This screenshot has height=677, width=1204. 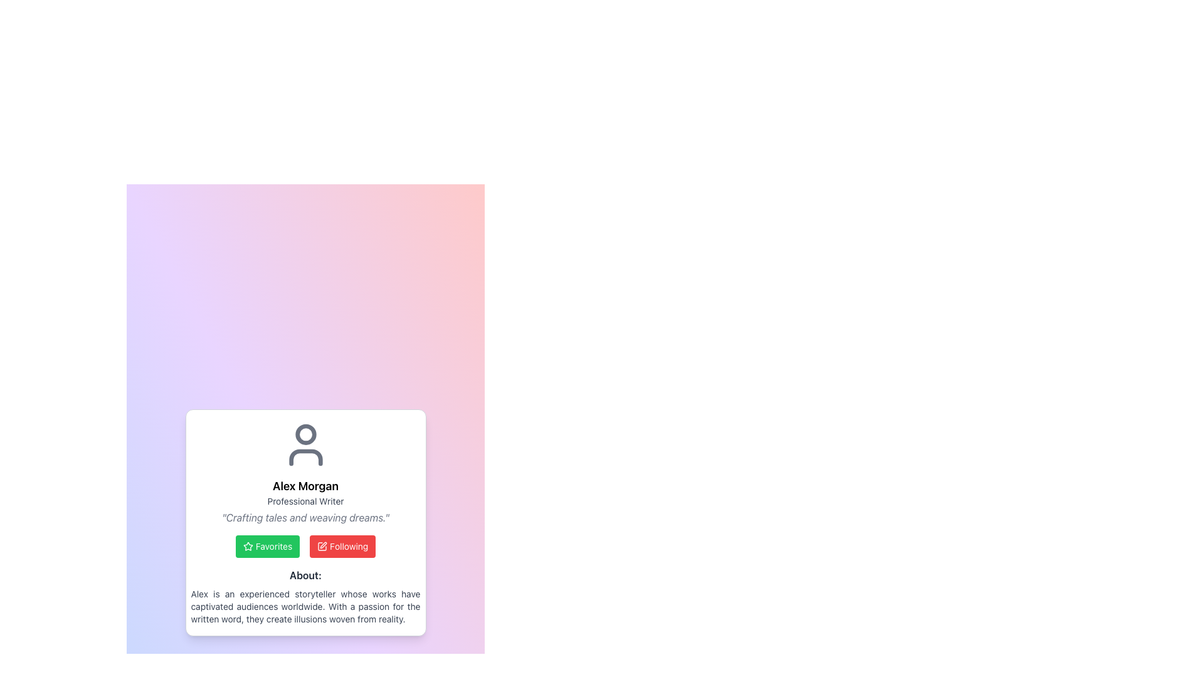 I want to click on the italic gray text label reading 'Crafting tales and weaving dreams' that is positioned below the 'Professional Writer' designation, so click(x=305, y=517).